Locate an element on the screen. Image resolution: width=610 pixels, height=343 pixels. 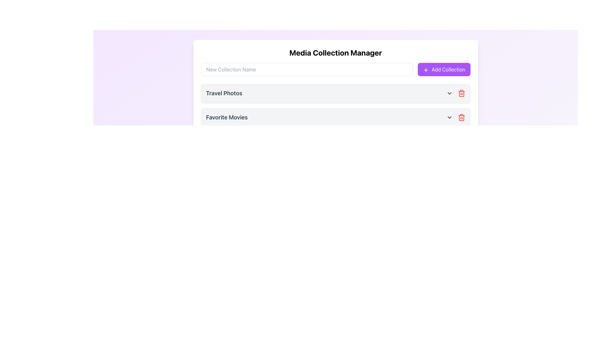
the button containing the add collection icon, which is styled in purple with white text and located at the top-right area of the interface is located at coordinates (426, 70).